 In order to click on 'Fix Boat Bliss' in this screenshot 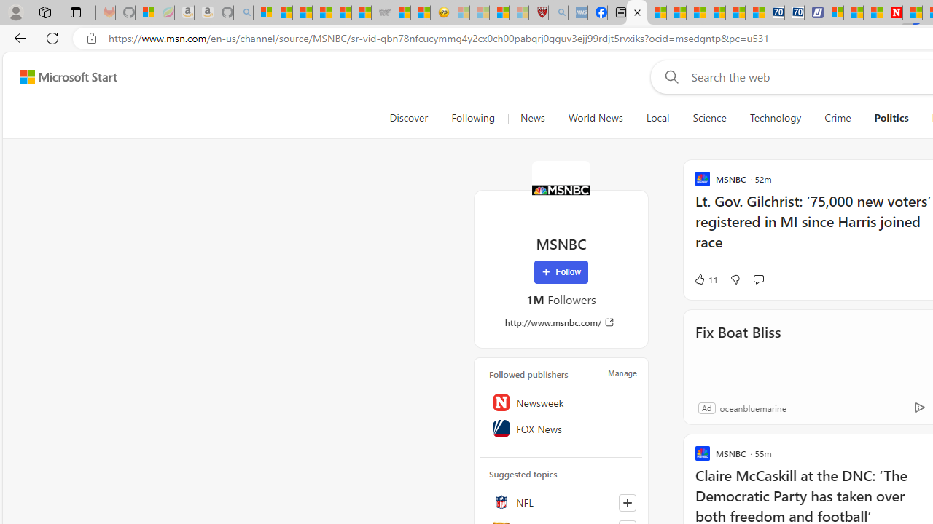, I will do `click(738, 352)`.